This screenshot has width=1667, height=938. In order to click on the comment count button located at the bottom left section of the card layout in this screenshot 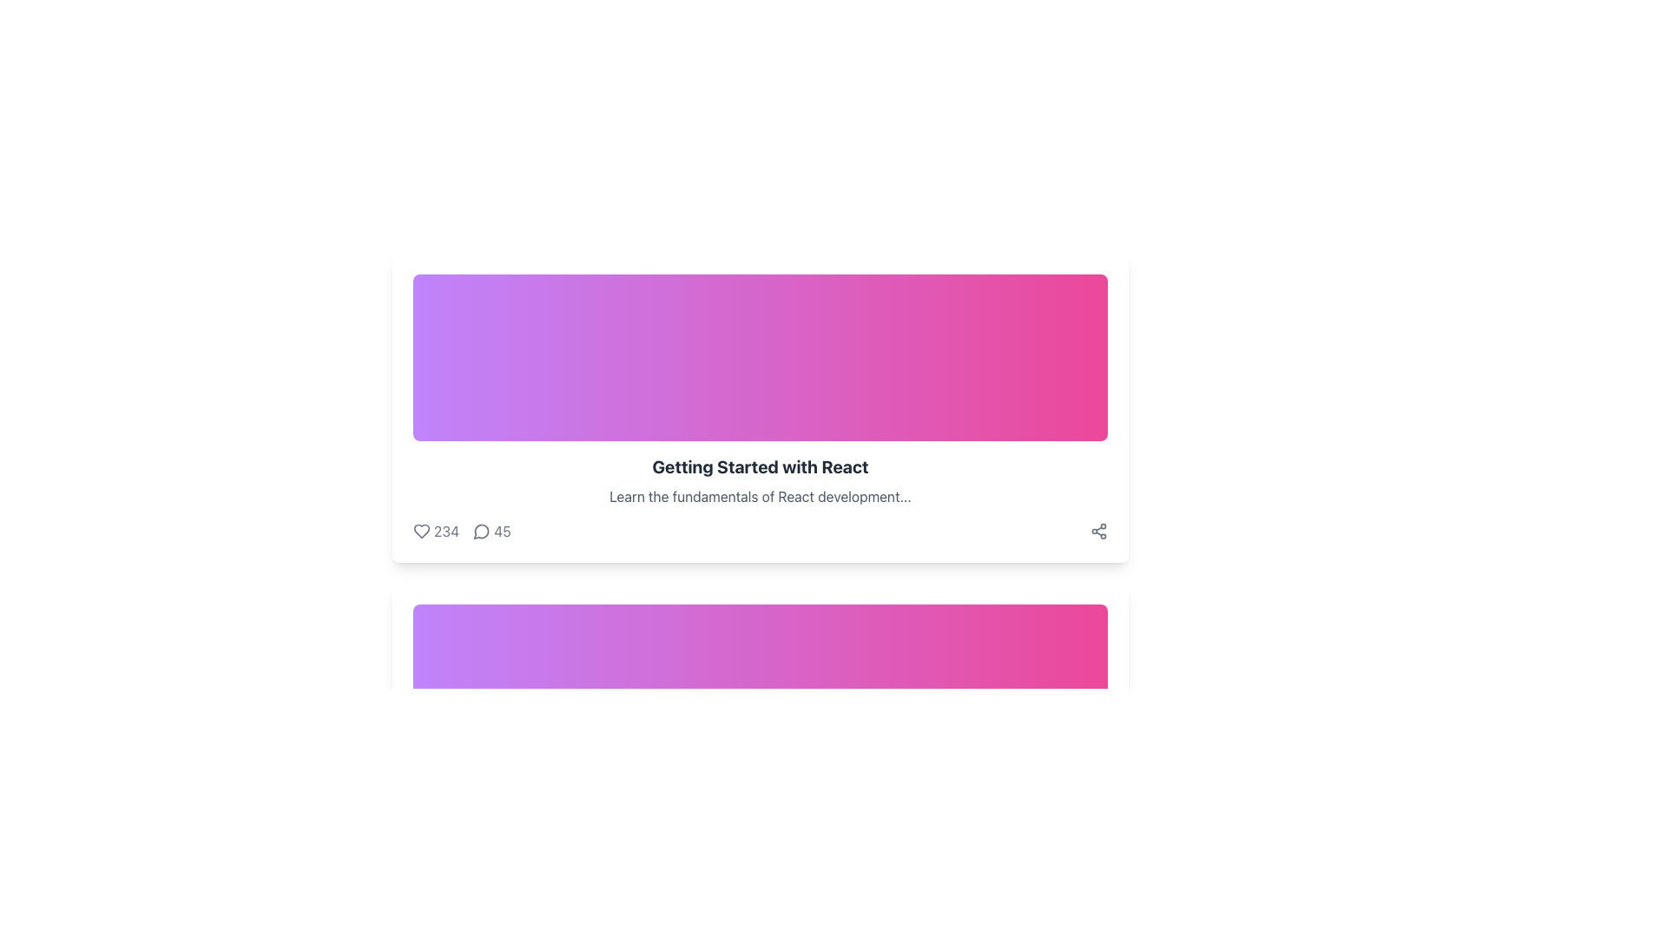, I will do `click(491, 531)`.